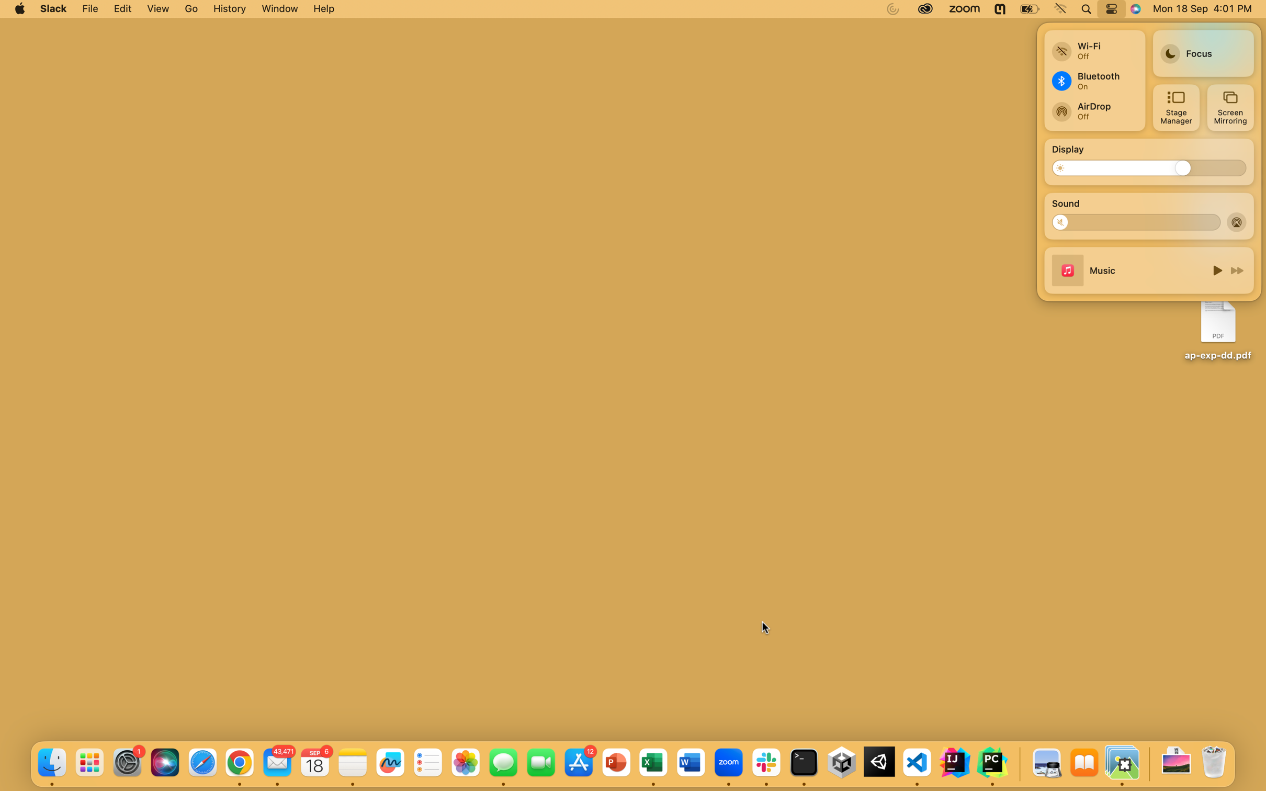  Describe the element at coordinates (1237, 221) in the screenshot. I see `Disable the airdrop feature` at that location.